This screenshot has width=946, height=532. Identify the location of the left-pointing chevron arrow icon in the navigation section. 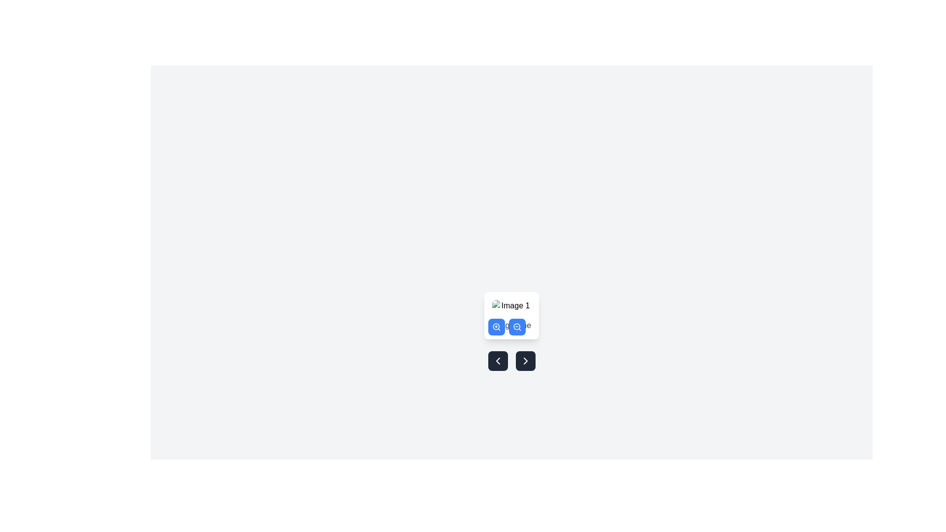
(498, 361).